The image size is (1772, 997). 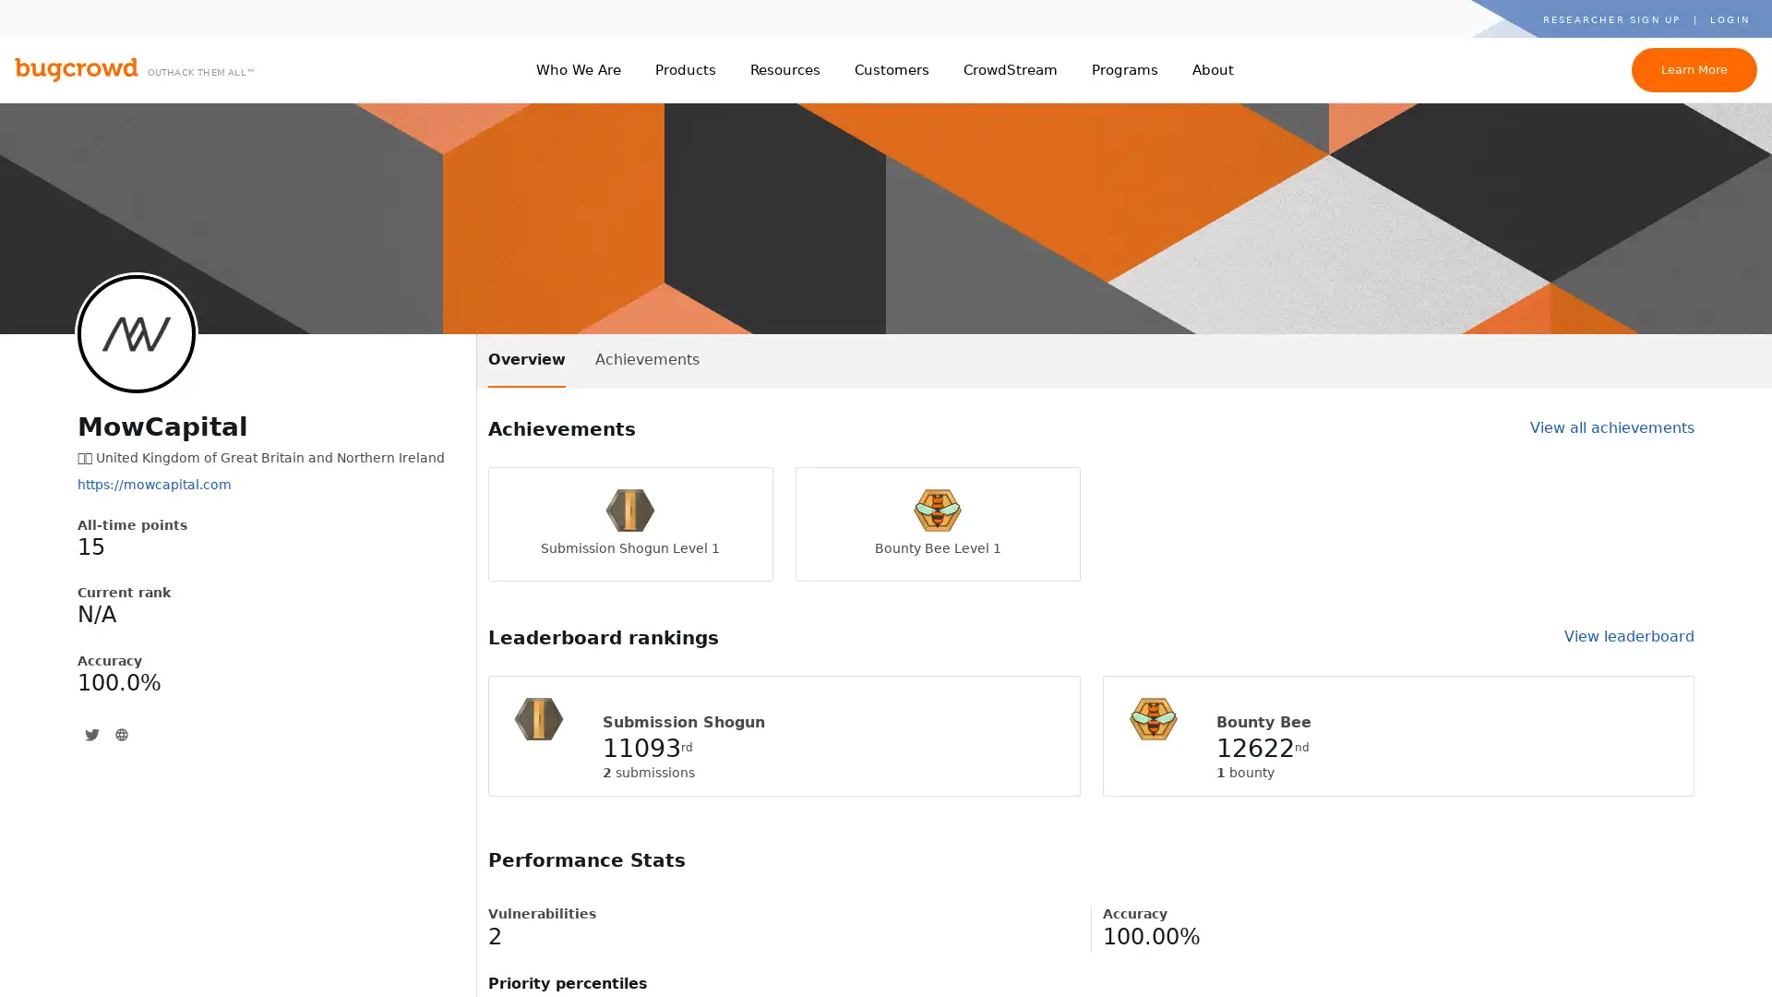 I want to click on Submission Shogun Level 1 Submission Shogun Level 1, so click(x=629, y=523).